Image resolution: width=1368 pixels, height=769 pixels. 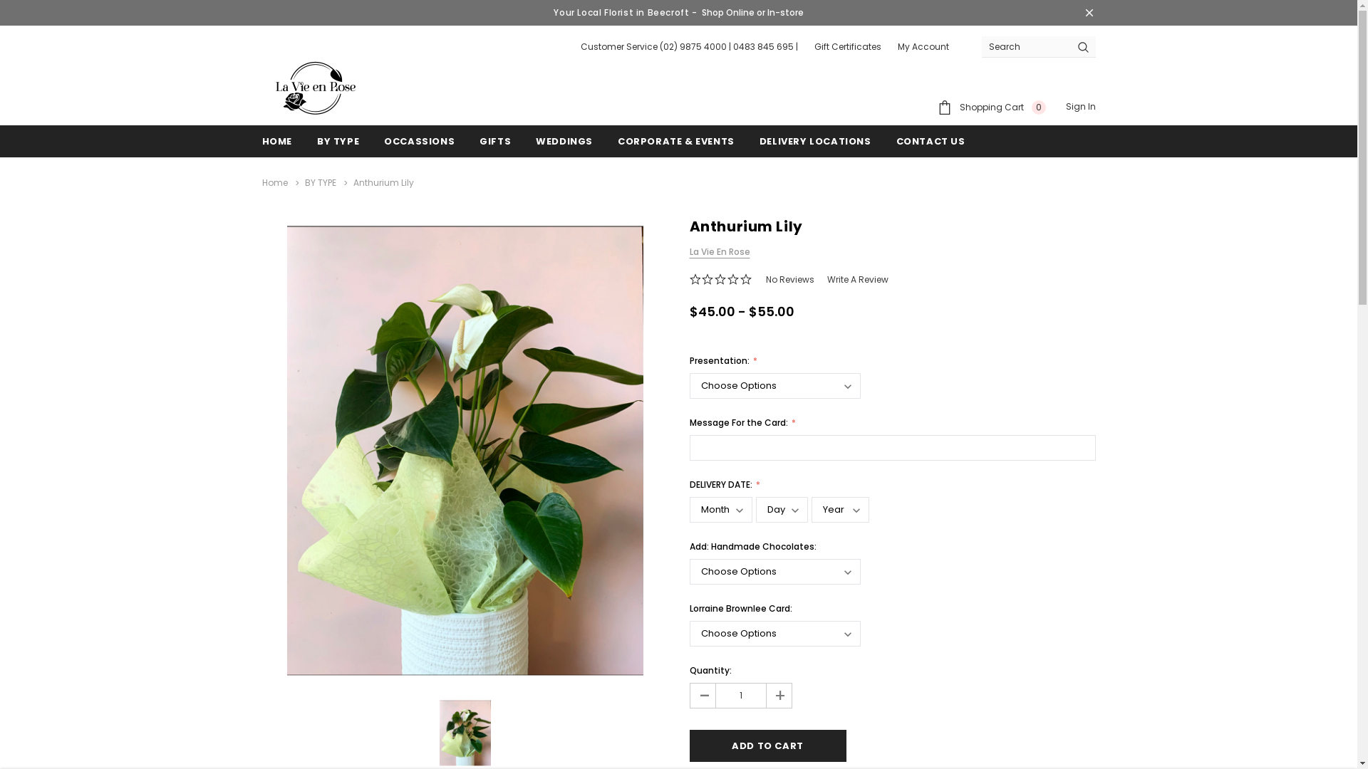 What do you see at coordinates (564, 141) in the screenshot?
I see `'WEDDINGS'` at bounding box center [564, 141].